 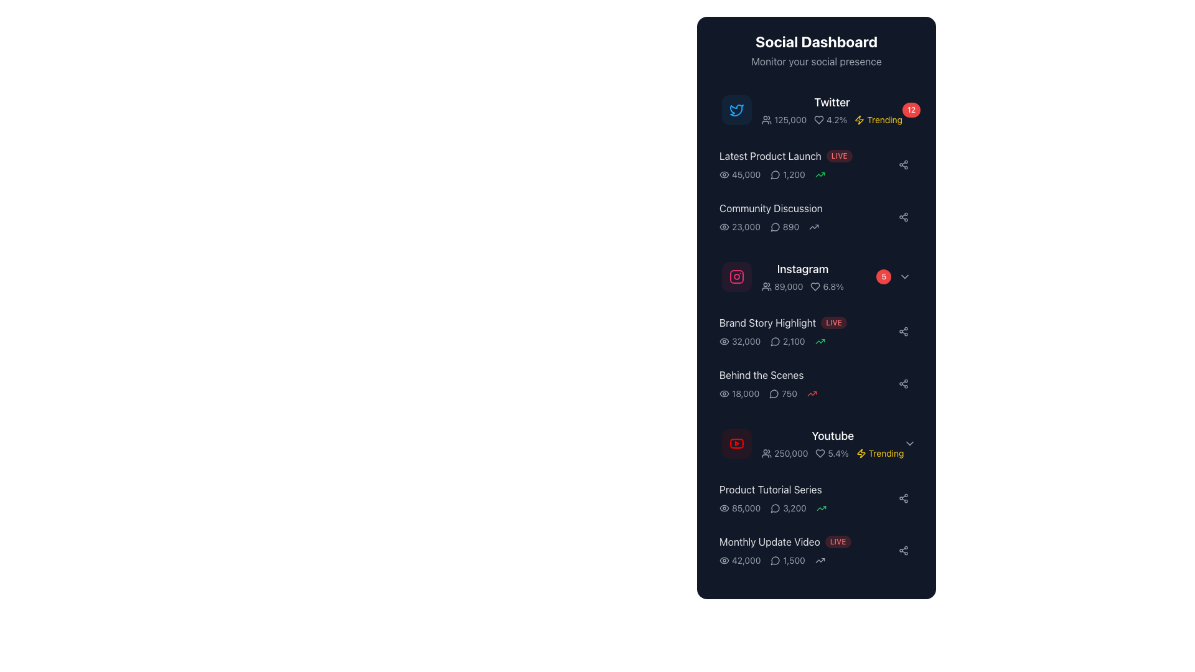 What do you see at coordinates (821, 508) in the screenshot?
I see `the green upward trending icon representing a visual trend indicator located next to the numeric value '3,200' in the 'Product Tutorial Series' section` at bounding box center [821, 508].